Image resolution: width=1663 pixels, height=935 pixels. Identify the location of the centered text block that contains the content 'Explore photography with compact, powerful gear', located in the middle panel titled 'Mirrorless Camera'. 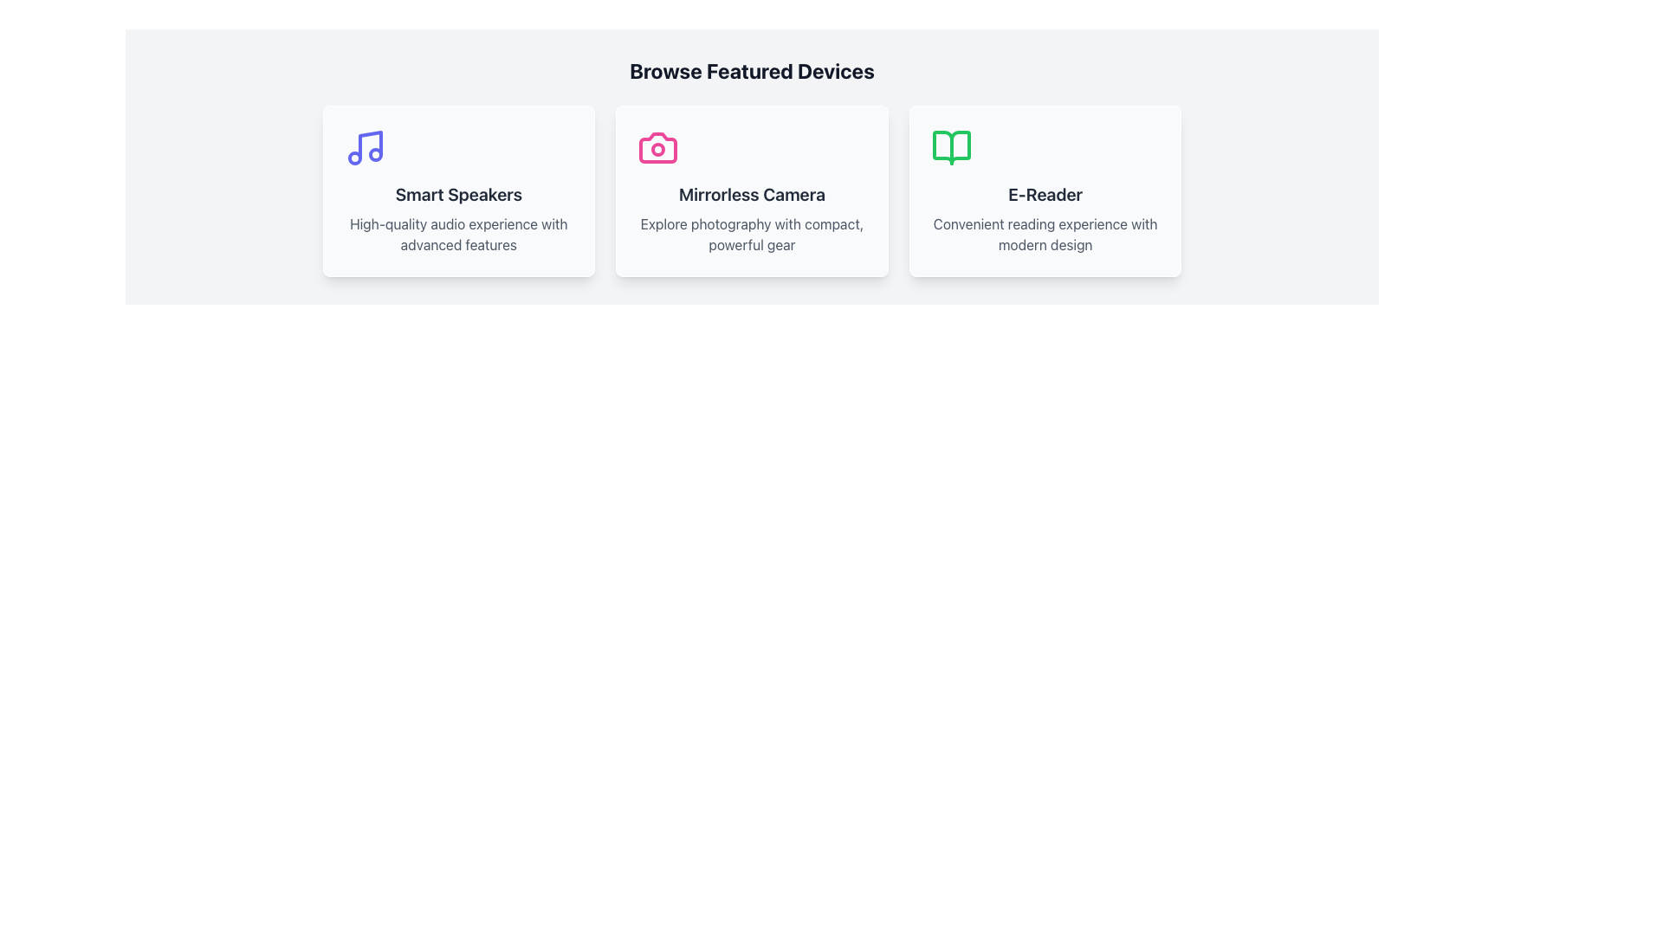
(752, 234).